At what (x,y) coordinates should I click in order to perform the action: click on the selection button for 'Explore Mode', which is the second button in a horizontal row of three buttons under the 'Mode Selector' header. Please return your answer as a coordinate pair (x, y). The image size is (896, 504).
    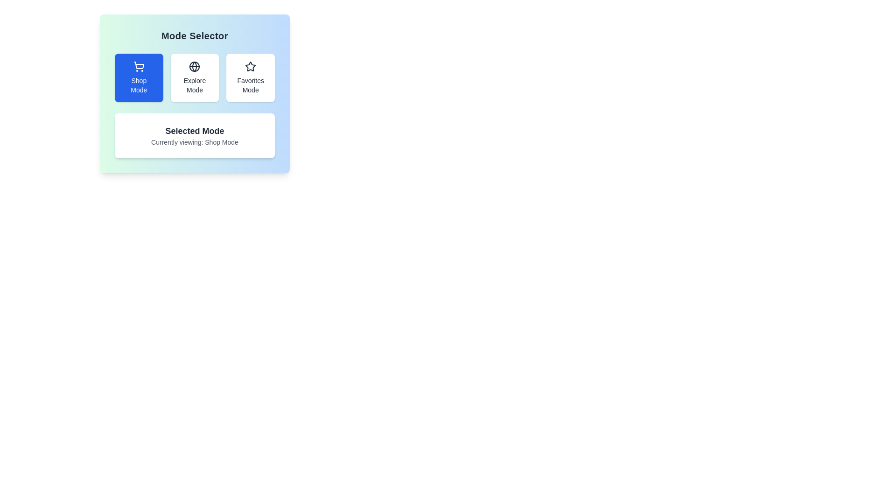
    Looking at the image, I should click on (194, 77).